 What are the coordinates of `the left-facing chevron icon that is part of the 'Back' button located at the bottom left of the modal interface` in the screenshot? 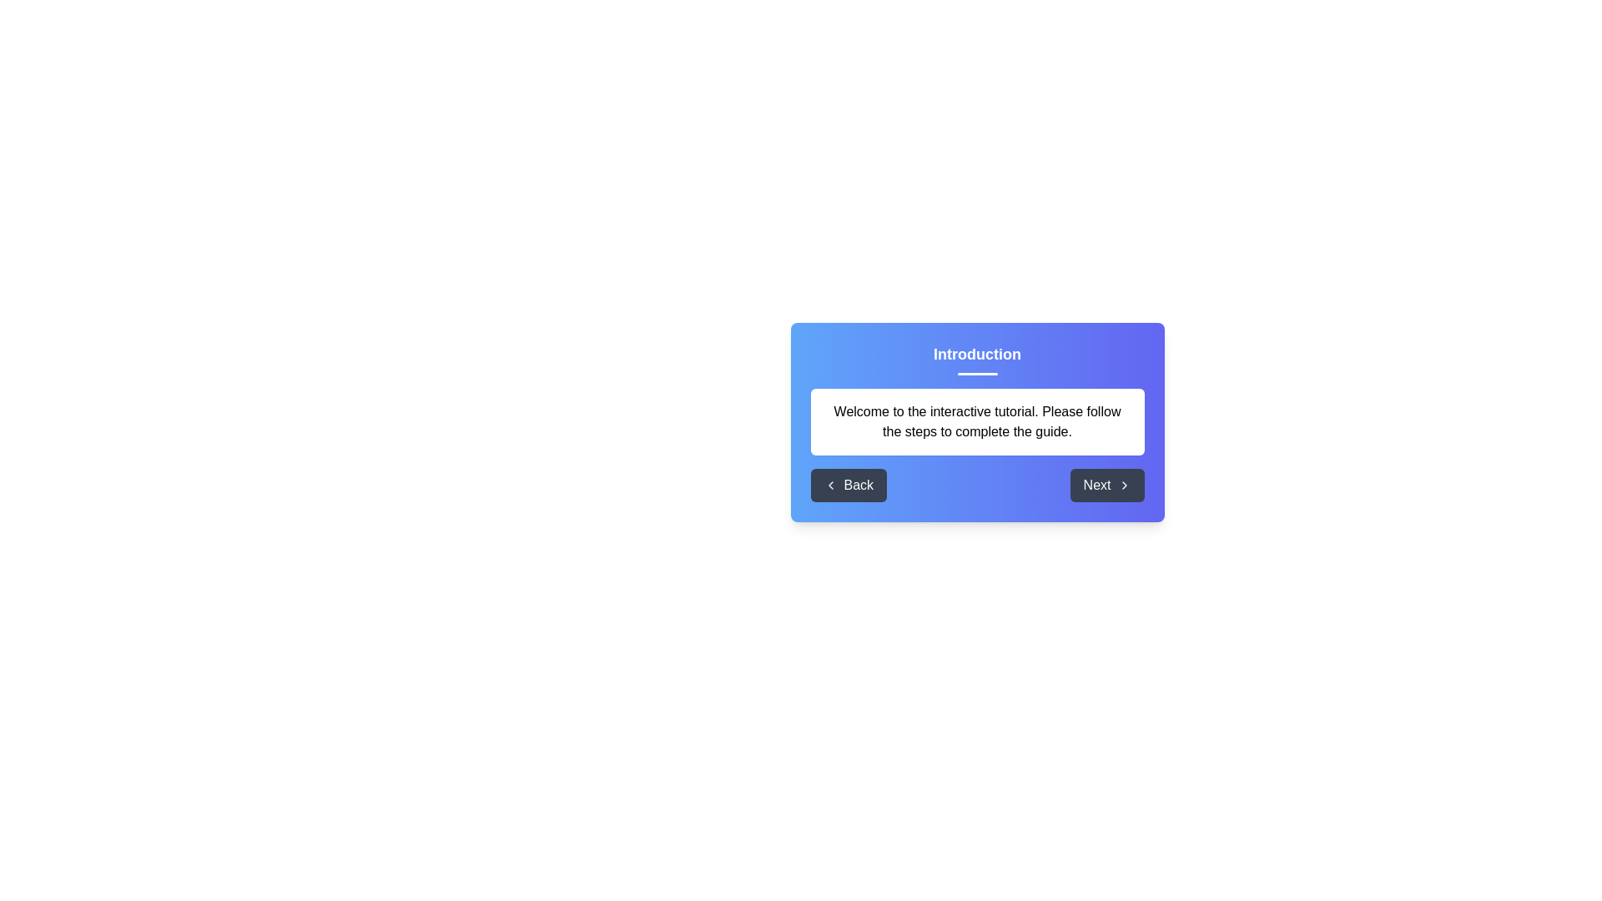 It's located at (830, 486).